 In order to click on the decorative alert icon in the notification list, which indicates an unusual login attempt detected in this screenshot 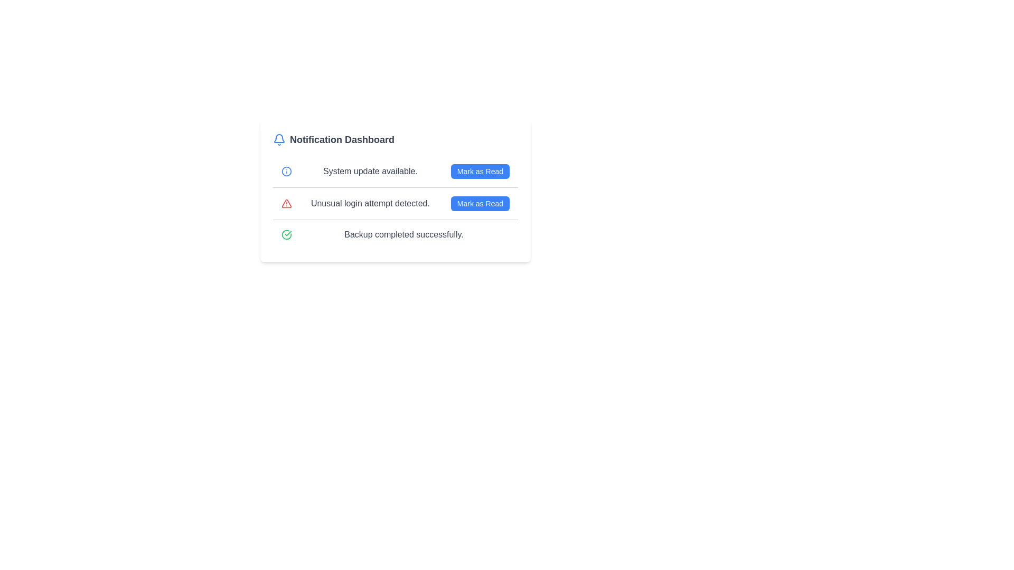, I will do `click(286, 203)`.